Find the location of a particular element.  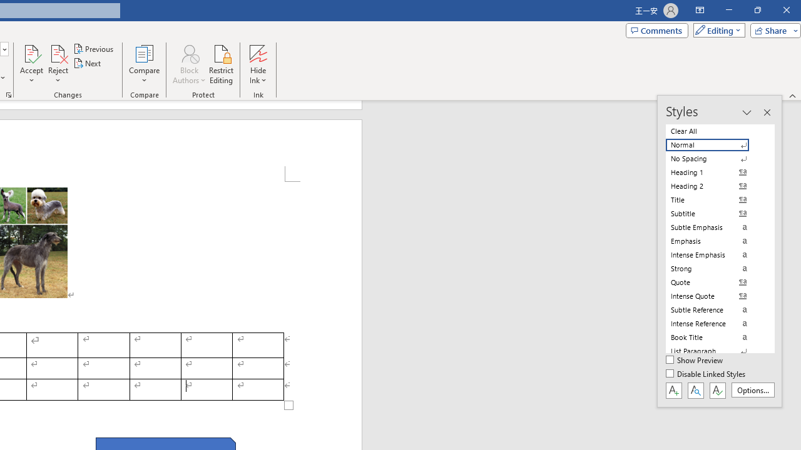

'Intense Emphasis' is located at coordinates (715, 254).